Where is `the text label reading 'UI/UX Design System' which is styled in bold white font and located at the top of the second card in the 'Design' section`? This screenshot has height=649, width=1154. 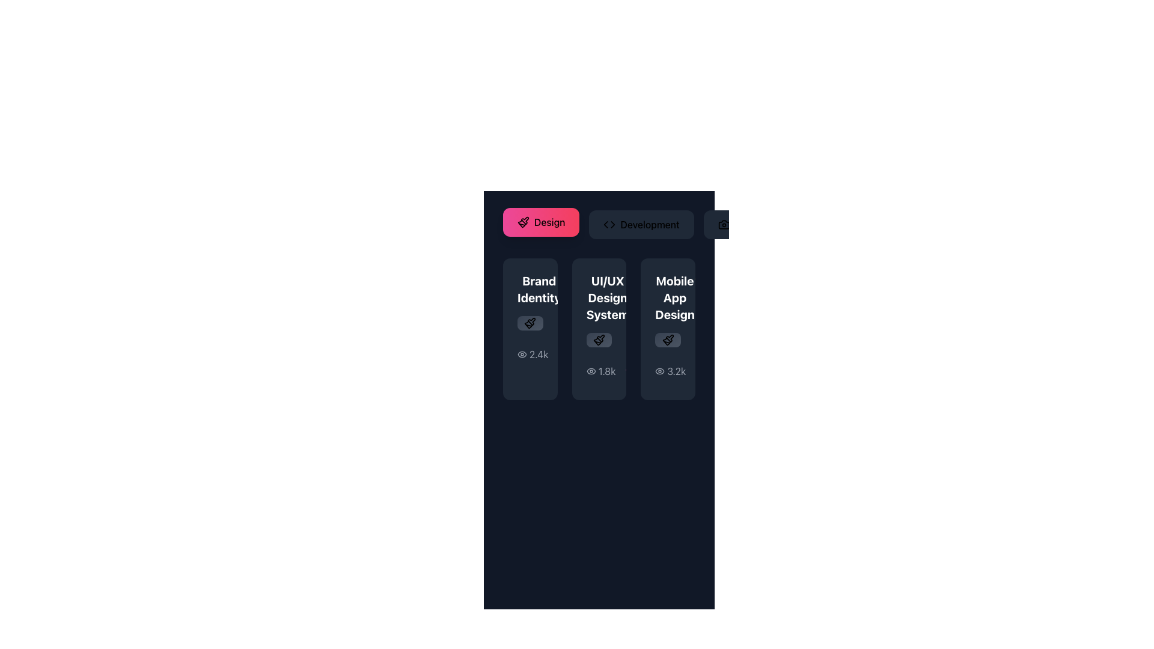
the text label reading 'UI/UX Design System' which is styled in bold white font and located at the top of the second card in the 'Design' section is located at coordinates (608, 297).